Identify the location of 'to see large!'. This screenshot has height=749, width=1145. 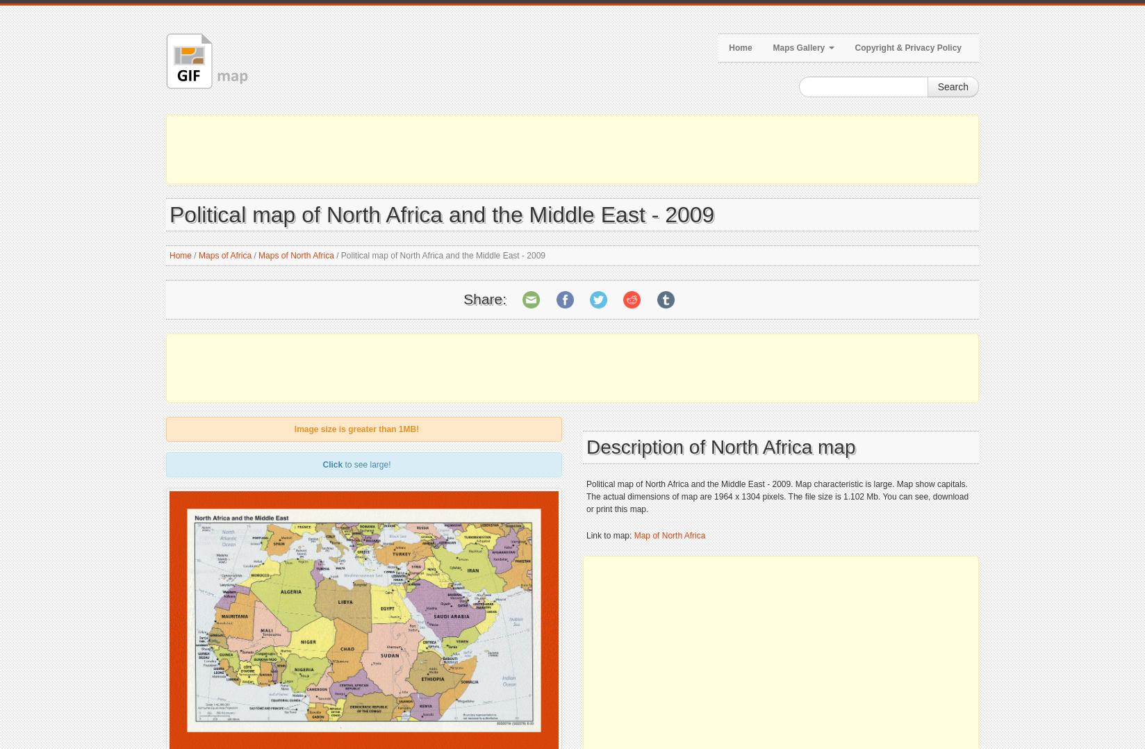
(366, 465).